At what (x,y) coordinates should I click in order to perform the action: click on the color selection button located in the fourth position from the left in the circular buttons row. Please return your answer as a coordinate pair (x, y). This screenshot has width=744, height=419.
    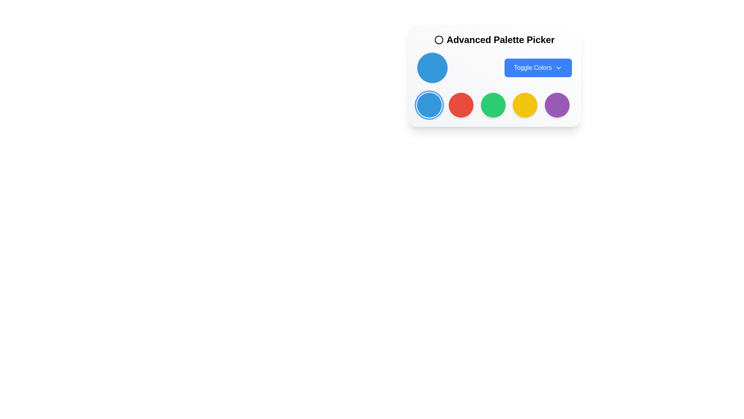
    Looking at the image, I should click on (525, 105).